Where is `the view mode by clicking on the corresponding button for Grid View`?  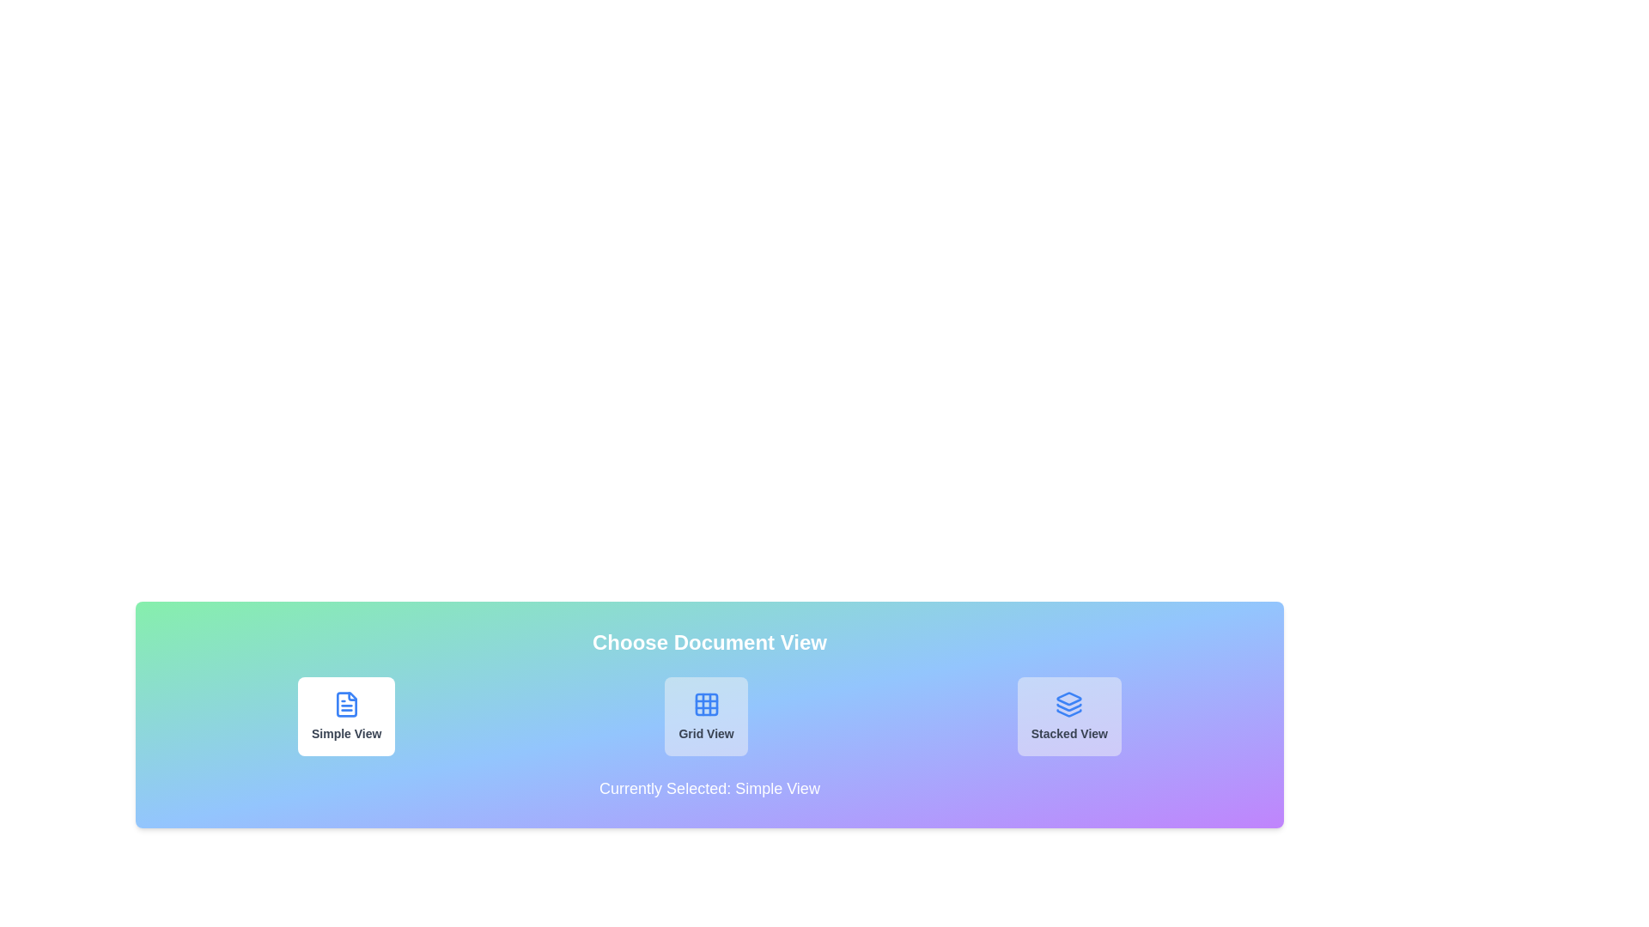 the view mode by clicking on the corresponding button for Grid View is located at coordinates (706, 716).